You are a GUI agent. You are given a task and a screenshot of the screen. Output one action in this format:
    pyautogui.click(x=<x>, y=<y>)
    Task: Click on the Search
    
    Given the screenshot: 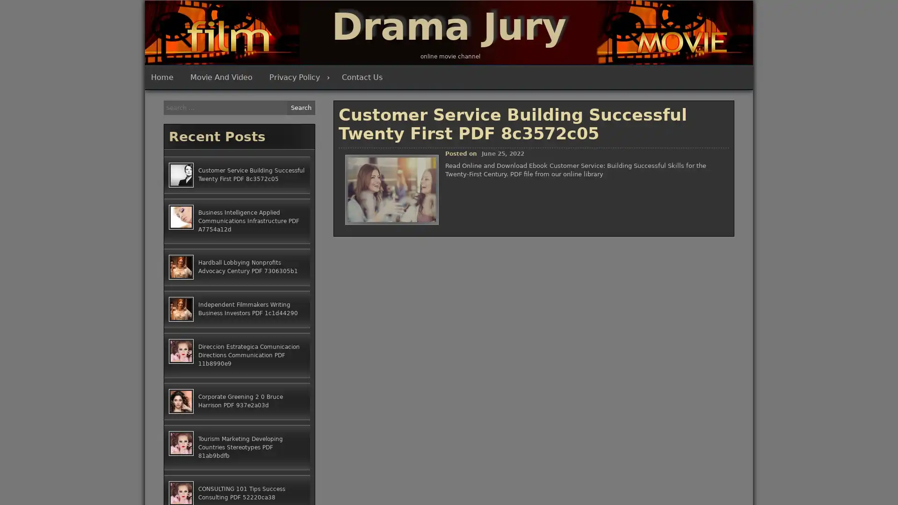 What is the action you would take?
    pyautogui.click(x=301, y=107)
    